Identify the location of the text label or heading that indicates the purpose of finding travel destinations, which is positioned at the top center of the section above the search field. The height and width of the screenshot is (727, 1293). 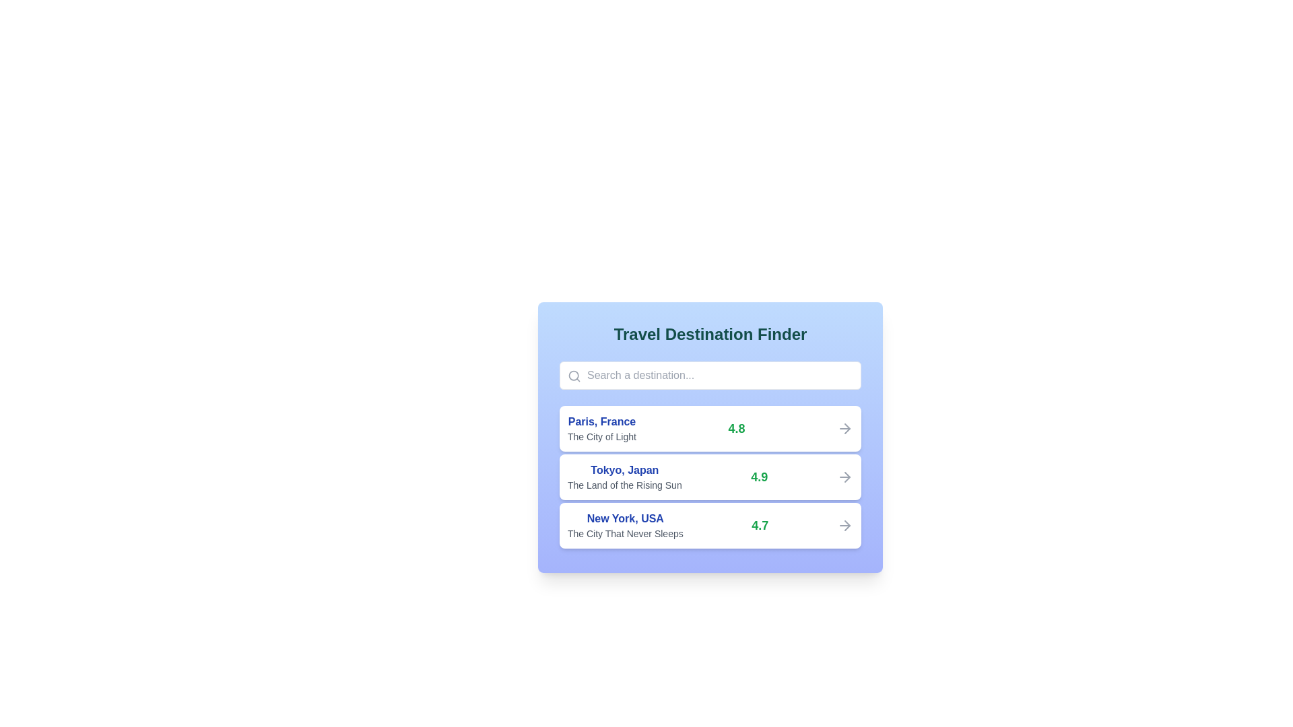
(710, 334).